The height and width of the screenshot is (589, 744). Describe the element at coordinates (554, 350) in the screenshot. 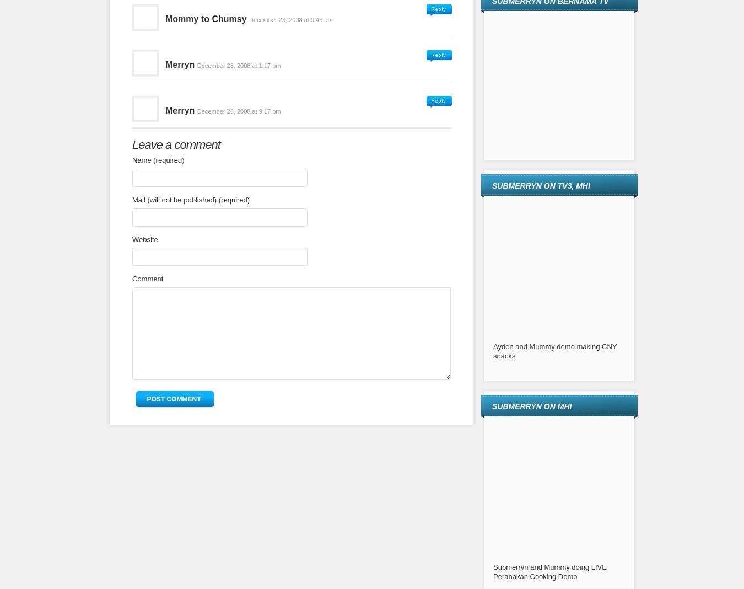

I see `'Ayden and Mummy demo making CNY snacks'` at that location.